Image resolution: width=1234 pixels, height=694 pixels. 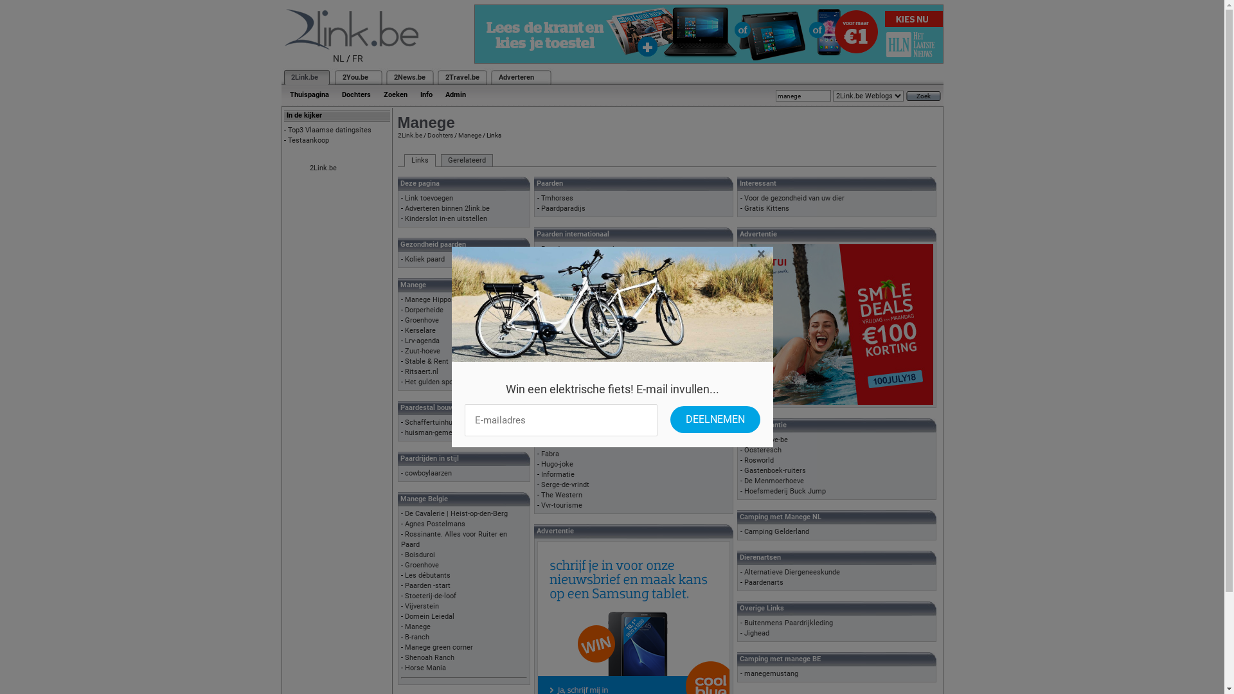 What do you see at coordinates (516, 77) in the screenshot?
I see `'Adverteren'` at bounding box center [516, 77].